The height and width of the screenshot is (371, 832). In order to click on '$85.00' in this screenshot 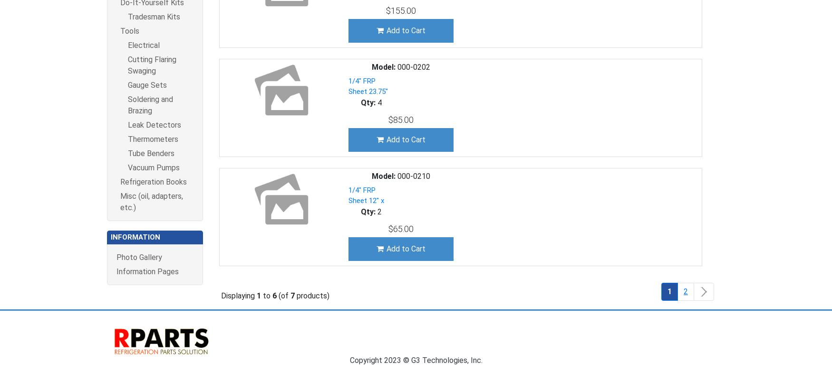, I will do `click(400, 119)`.